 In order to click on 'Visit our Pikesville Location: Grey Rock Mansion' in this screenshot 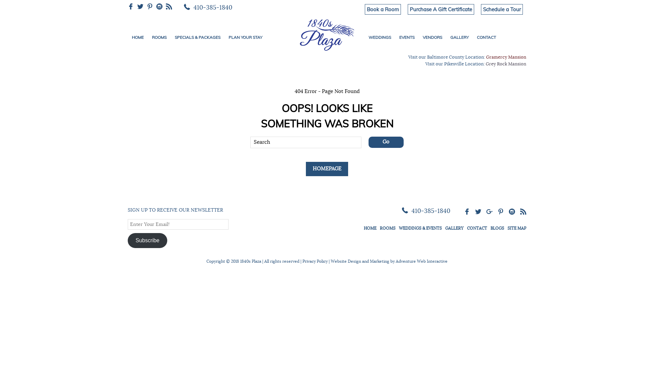, I will do `click(475, 64)`.